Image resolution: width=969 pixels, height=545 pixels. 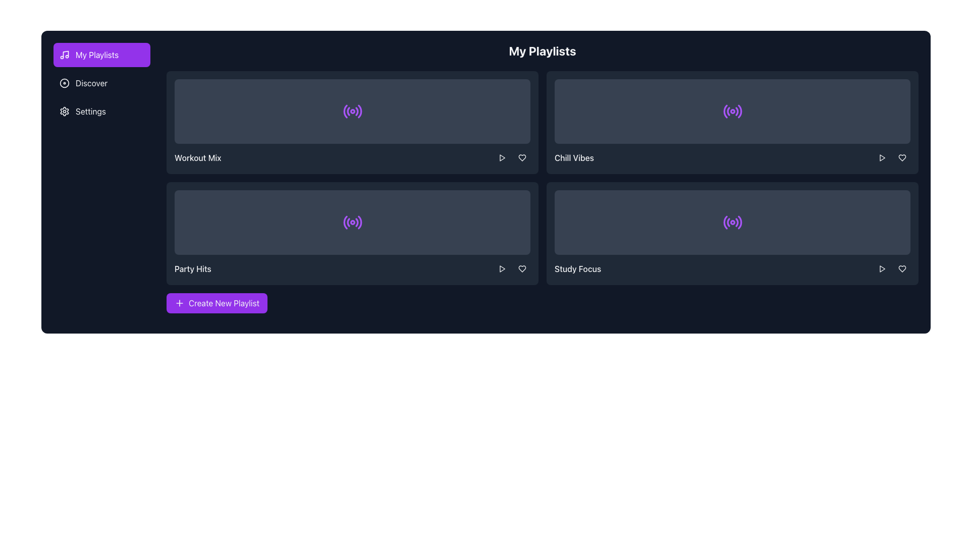 What do you see at coordinates (348, 222) in the screenshot?
I see `the second arc component of the purple circular design element within the navigation menu icon` at bounding box center [348, 222].